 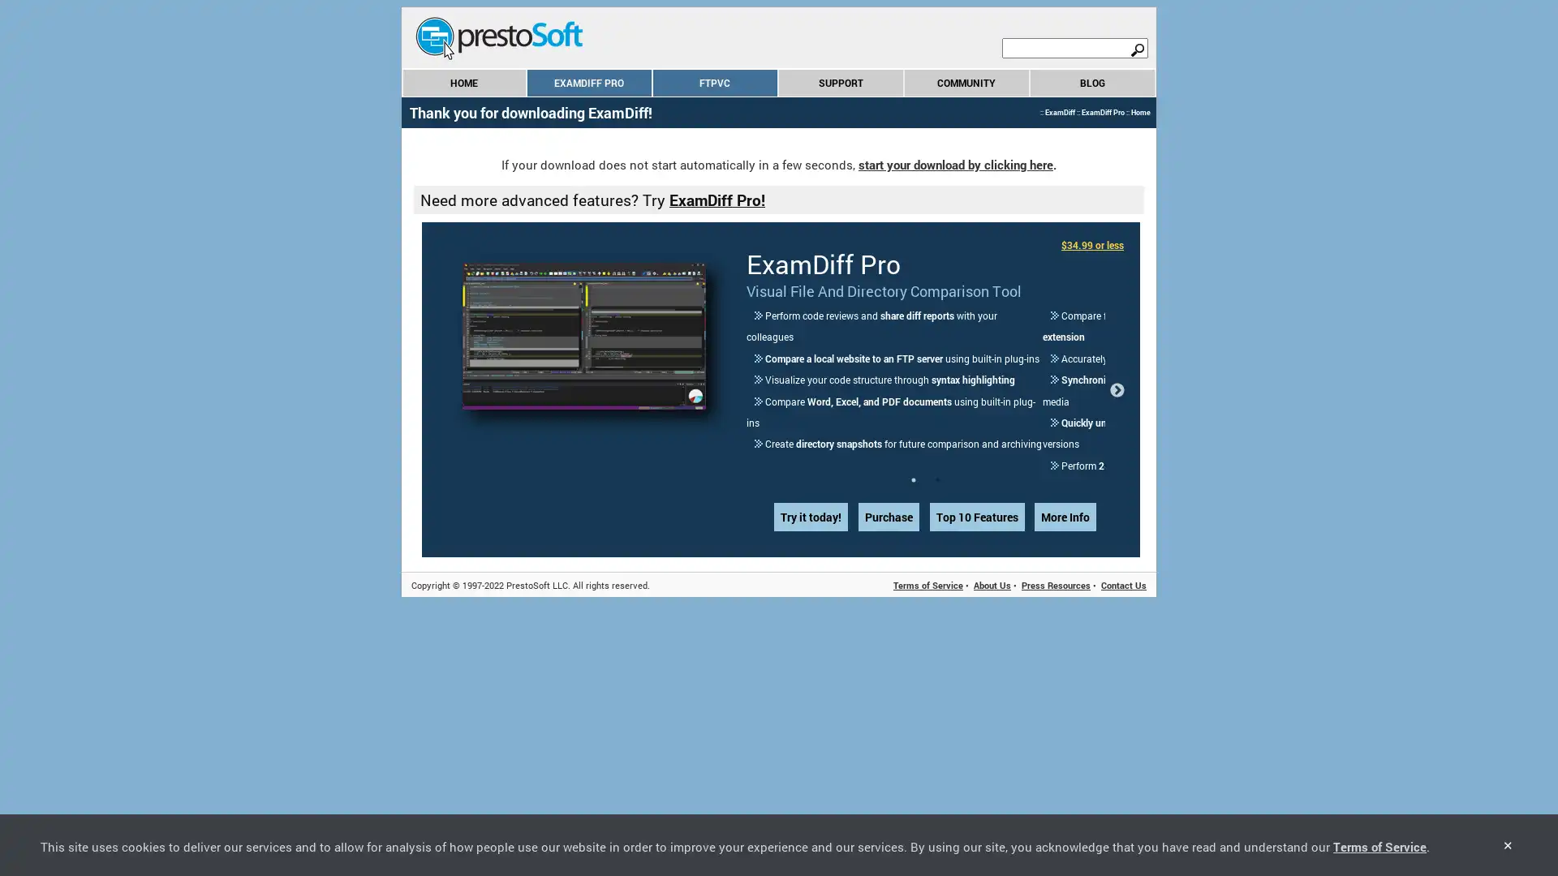 What do you see at coordinates (938, 414) in the screenshot?
I see `2` at bounding box center [938, 414].